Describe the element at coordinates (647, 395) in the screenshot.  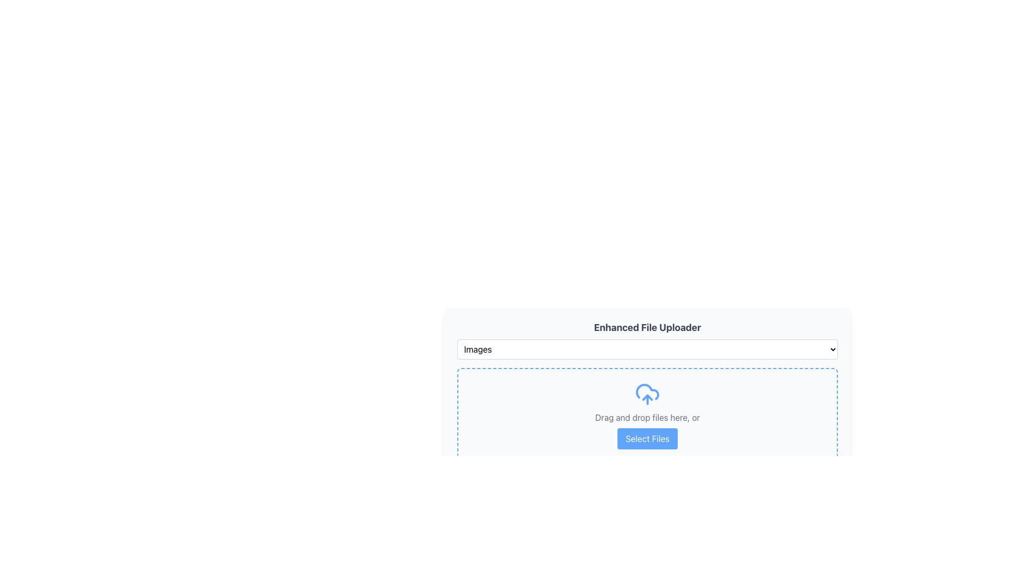
I see `the 'Select Files' button in the Enhanced File Uploader Widget` at that location.